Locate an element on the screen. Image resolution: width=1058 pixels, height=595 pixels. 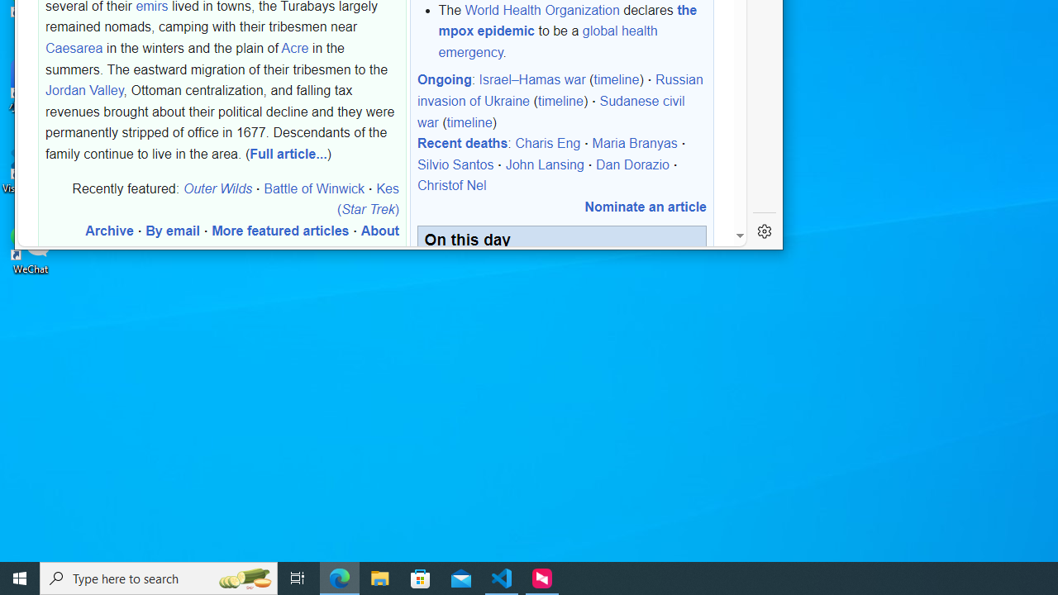
'Microsoft Store' is located at coordinates (421, 577).